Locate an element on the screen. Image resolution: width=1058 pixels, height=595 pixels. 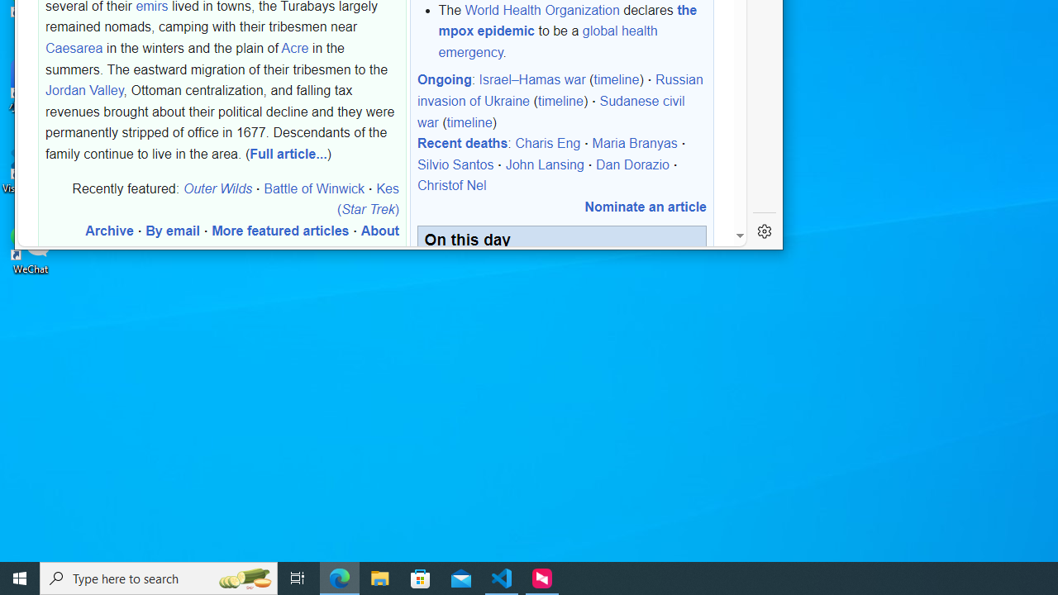
'Microsoft Store' is located at coordinates (421, 577).